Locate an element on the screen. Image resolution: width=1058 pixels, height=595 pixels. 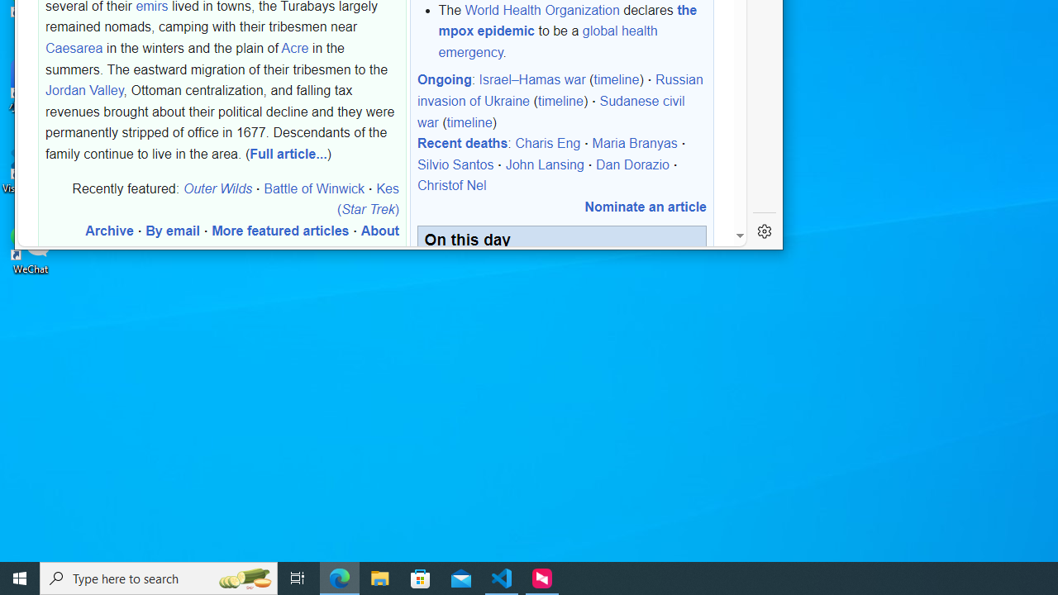
'Microsoft Store' is located at coordinates (421, 577).